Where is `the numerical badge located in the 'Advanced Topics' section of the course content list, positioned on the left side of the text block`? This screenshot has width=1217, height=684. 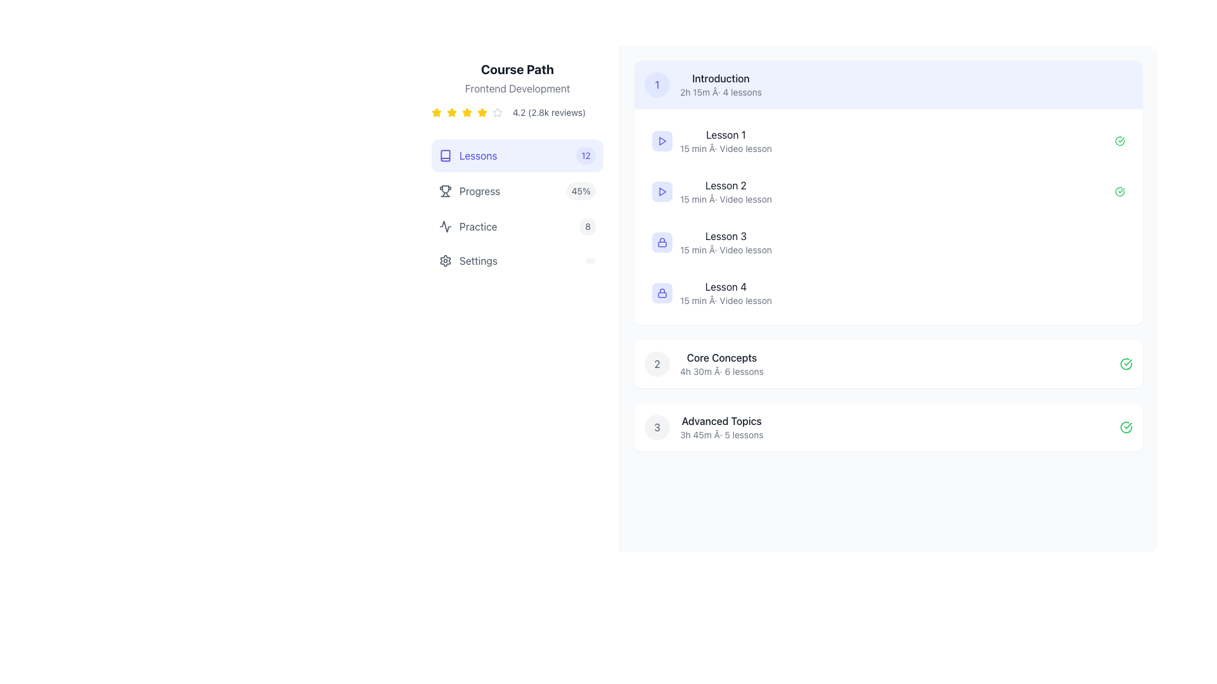
the numerical badge located in the 'Advanced Topics' section of the course content list, positioned on the left side of the text block is located at coordinates (657, 427).